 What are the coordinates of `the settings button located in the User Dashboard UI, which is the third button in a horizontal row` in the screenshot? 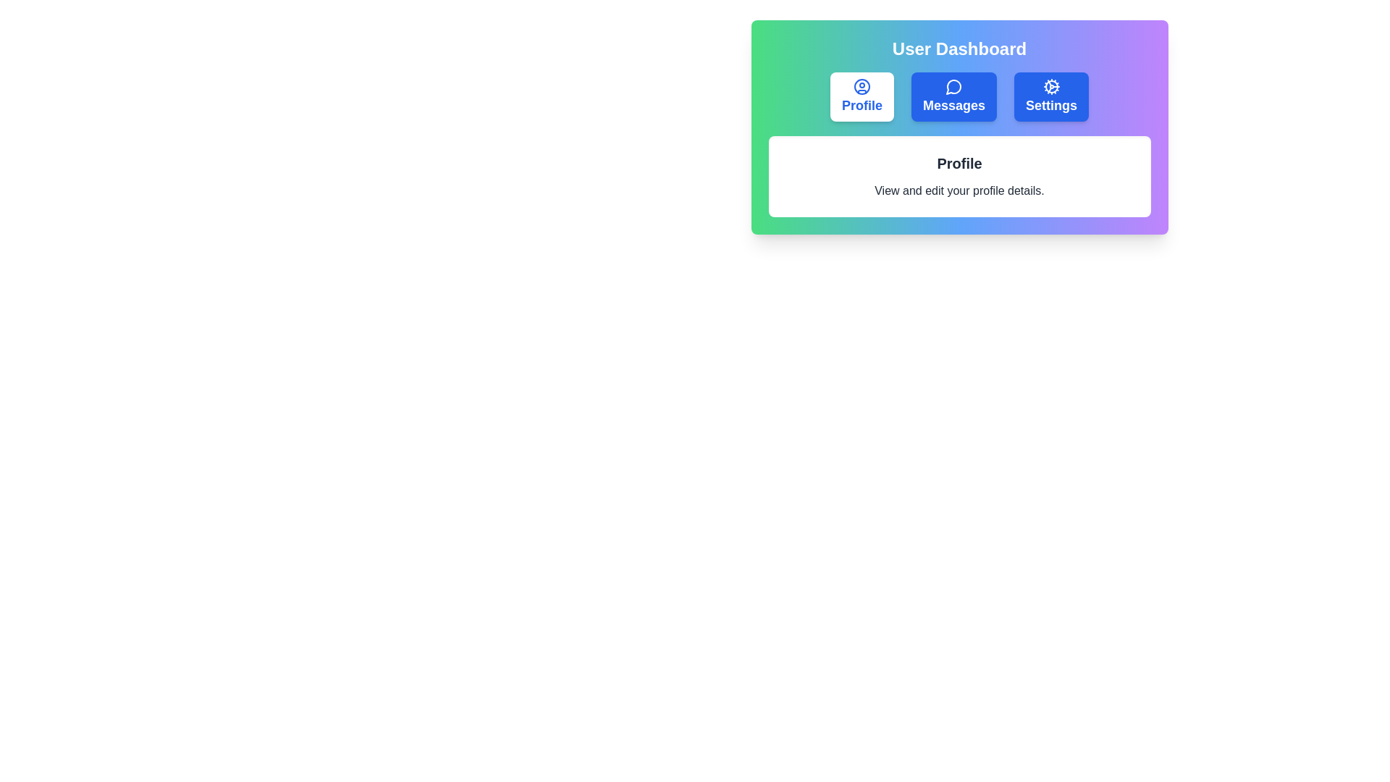 It's located at (1051, 97).